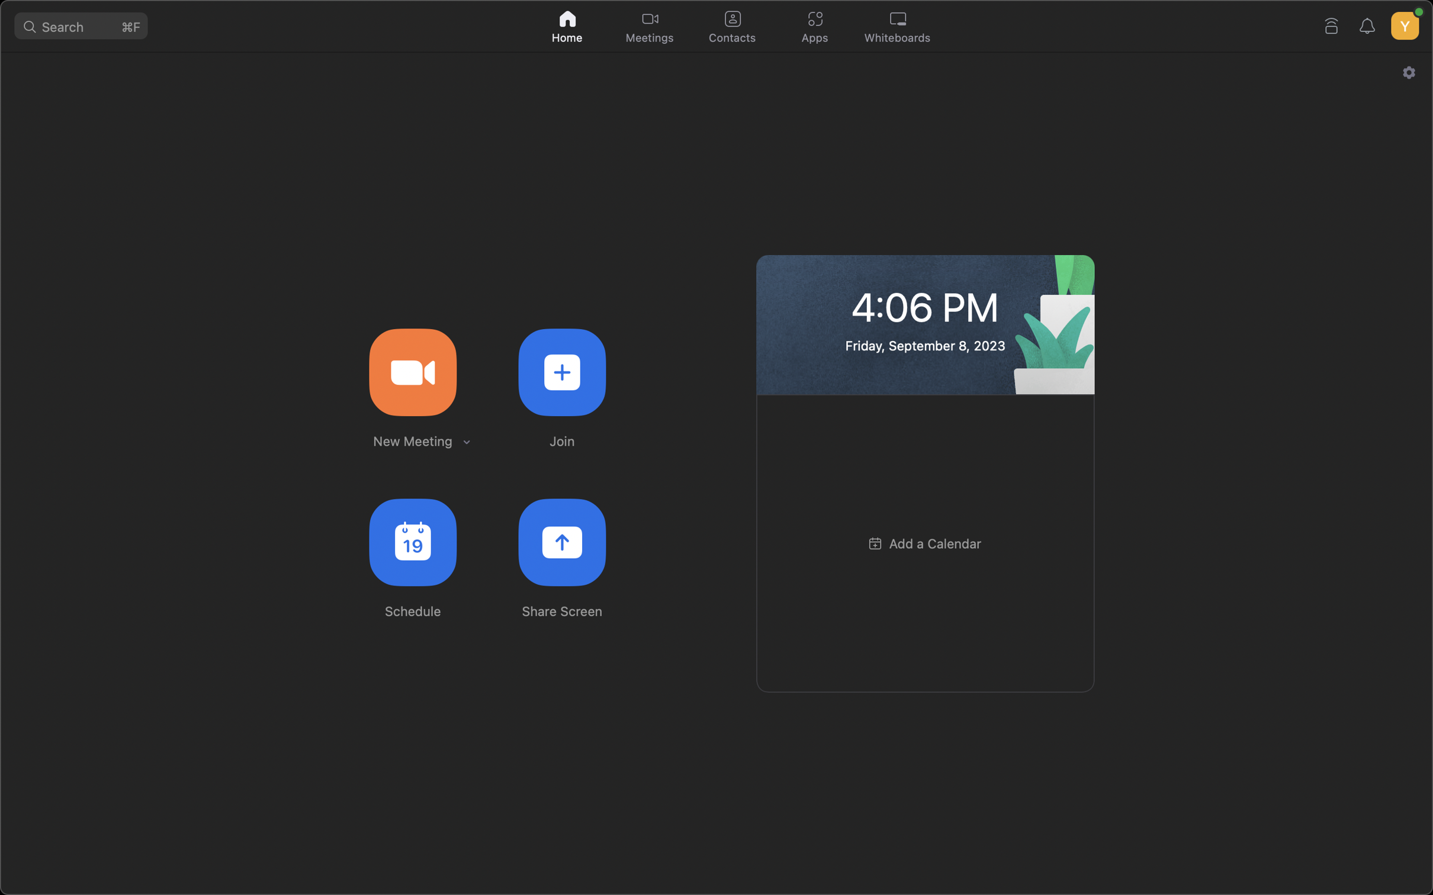 The height and width of the screenshot is (895, 1433). I want to click on the bell icon for notifications, so click(1369, 24).